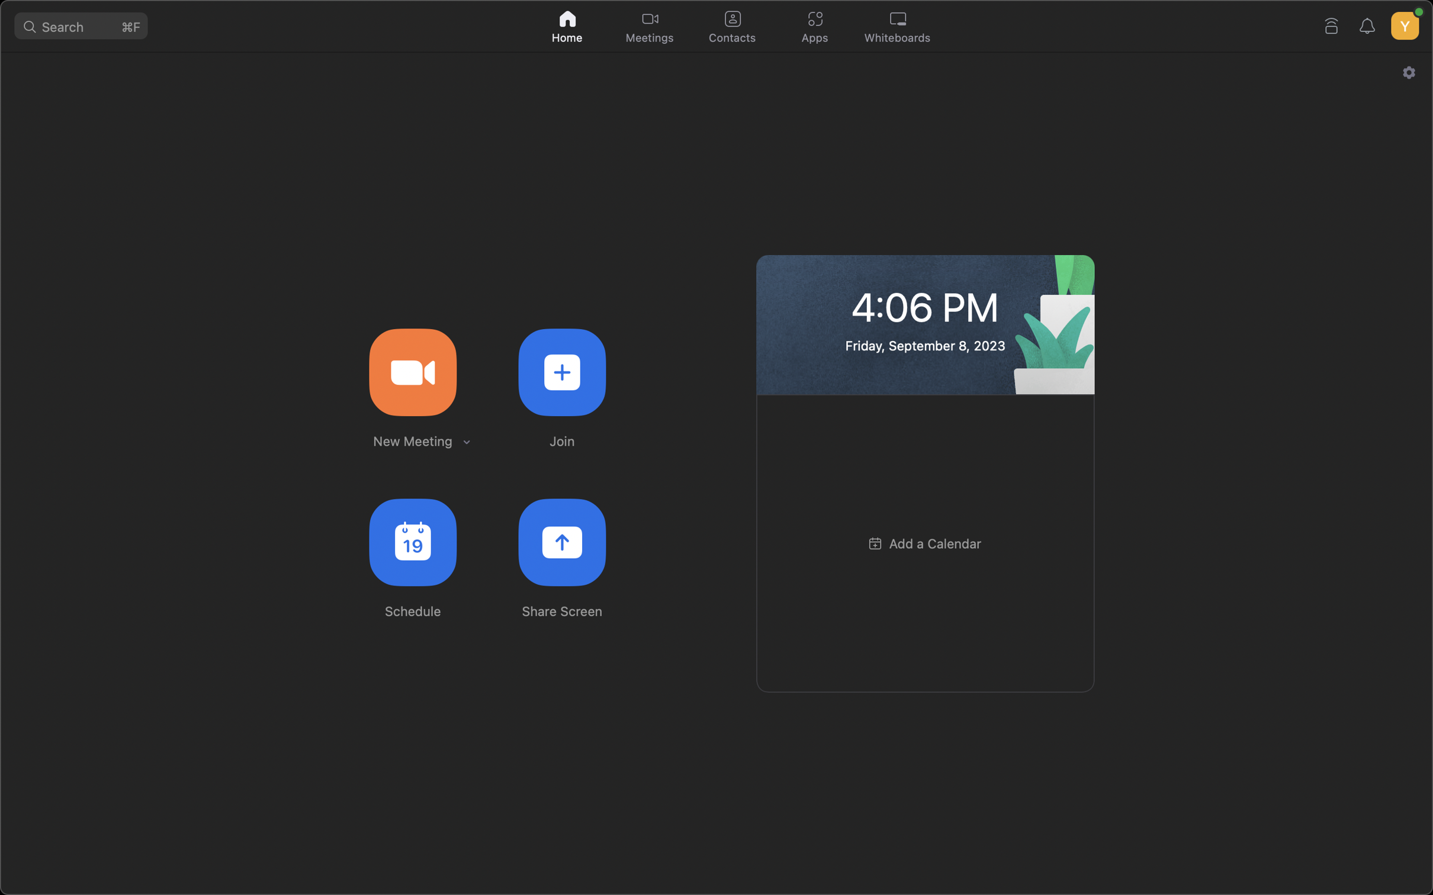 The height and width of the screenshot is (895, 1433). I want to click on the bell icon for notifications, so click(1369, 24).